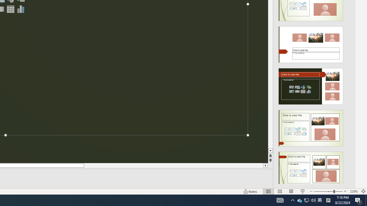  Describe the element at coordinates (21, 9) in the screenshot. I see `'Insert Chart'` at that location.